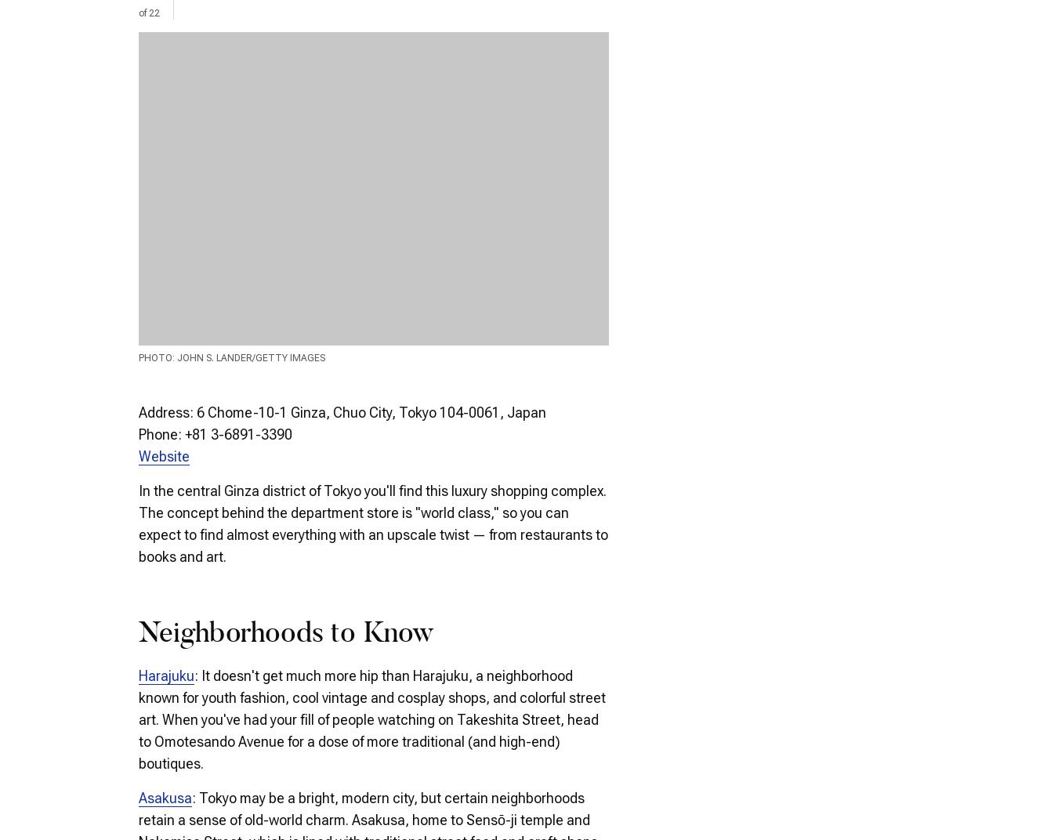 This screenshot has width=1058, height=840. What do you see at coordinates (250, 357) in the screenshot?
I see `'John S. Lander/Getty Images'` at bounding box center [250, 357].